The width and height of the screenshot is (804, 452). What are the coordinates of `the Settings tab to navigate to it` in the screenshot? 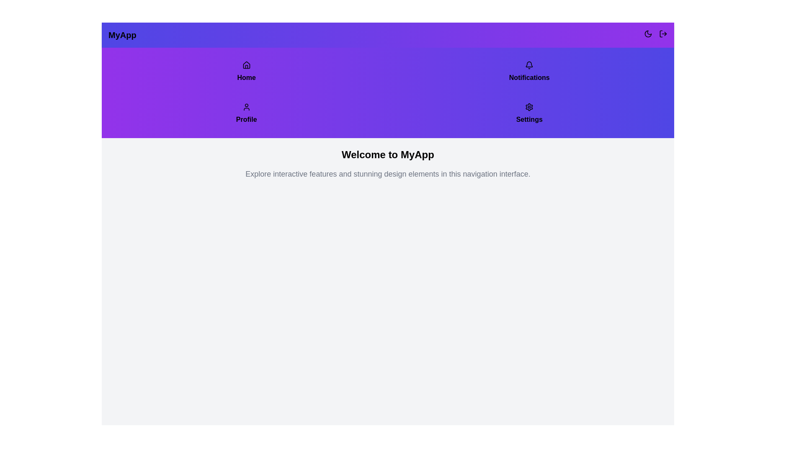 It's located at (528, 114).